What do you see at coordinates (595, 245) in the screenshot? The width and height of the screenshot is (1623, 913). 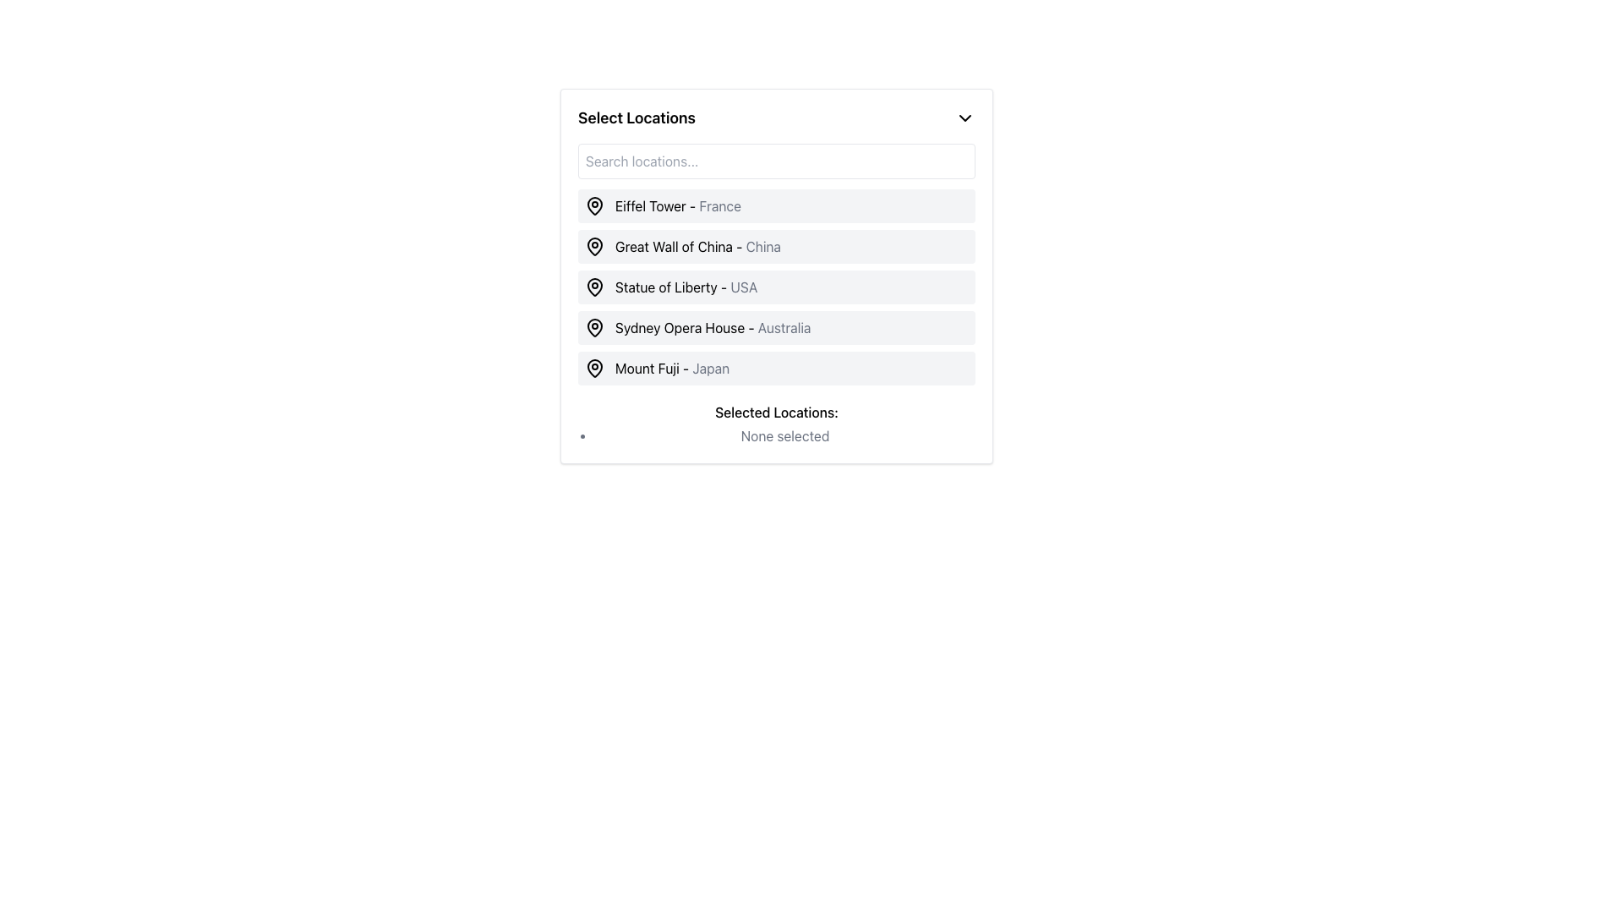 I see `the location marker icon that indicates the 'Great Wall of China - China' option in the list` at bounding box center [595, 245].